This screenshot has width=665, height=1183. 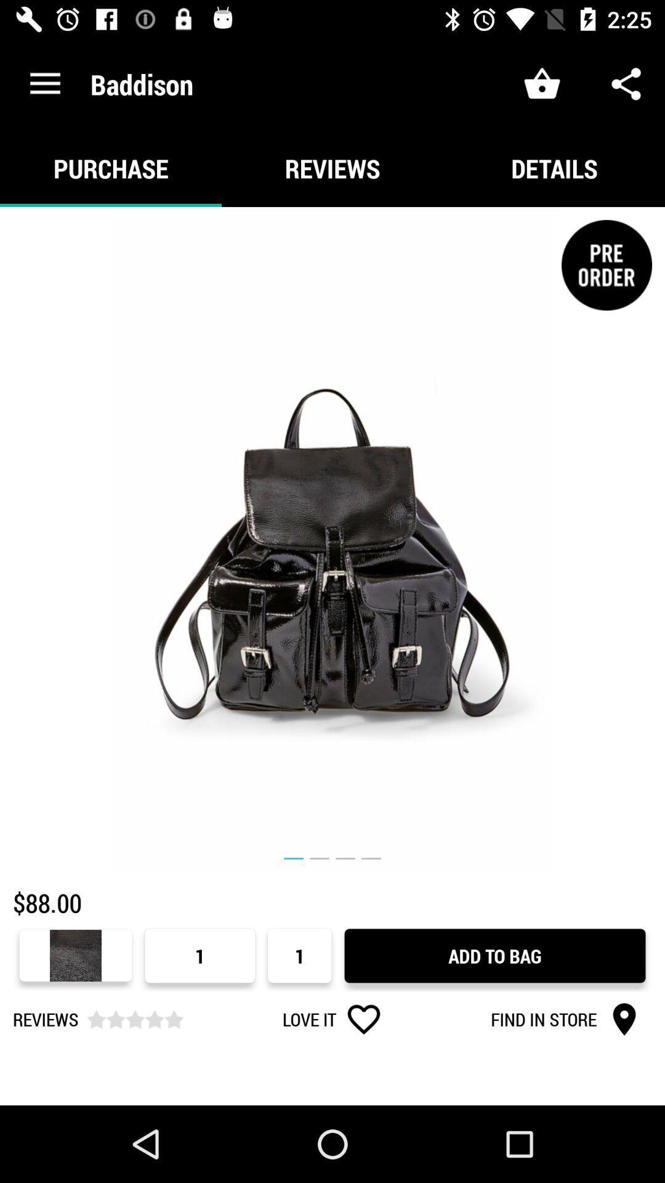 I want to click on icon above the purchase, so click(x=44, y=83).